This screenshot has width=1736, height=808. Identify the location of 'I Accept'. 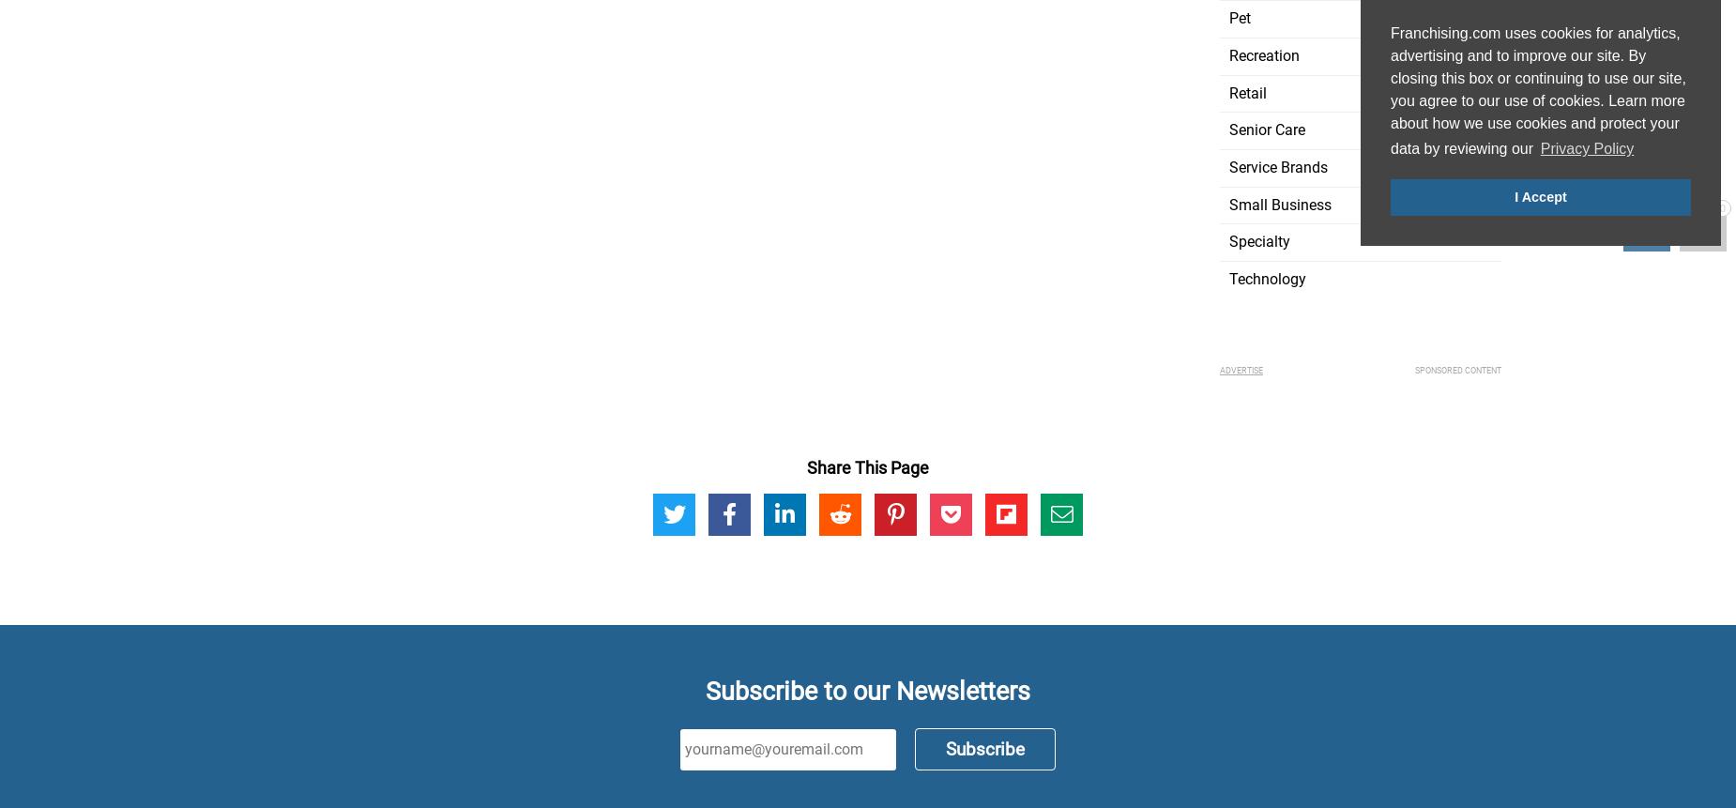
(1514, 195).